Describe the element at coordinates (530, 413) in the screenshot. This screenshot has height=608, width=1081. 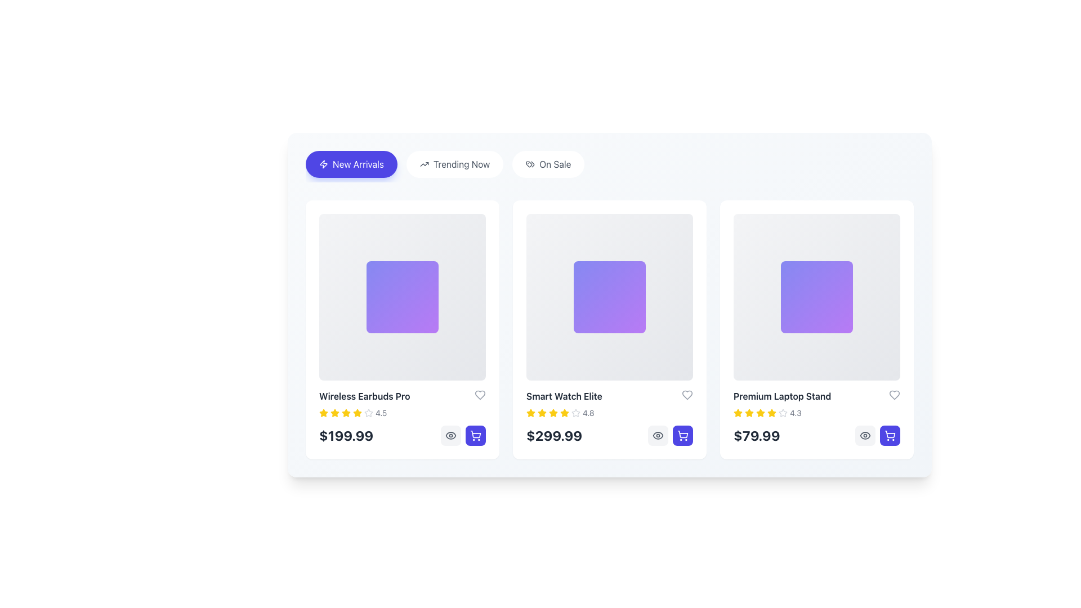
I see `the Rating indicator - Star icon representing a high rating of 4.8 stars for the 'Smart Watch Elite' product, located in the center of the second product card` at that location.